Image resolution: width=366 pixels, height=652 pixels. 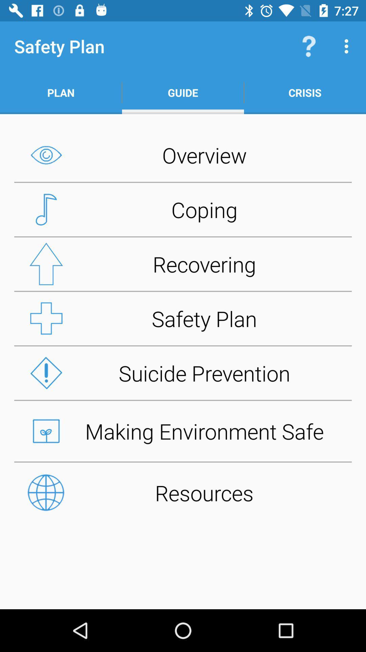 I want to click on making environment safe icon, so click(x=183, y=431).